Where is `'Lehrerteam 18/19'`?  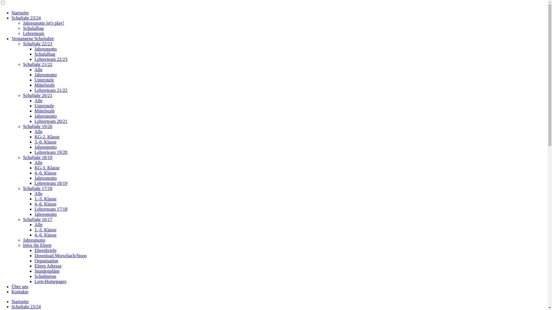 'Lehrerteam 18/19' is located at coordinates (51, 183).